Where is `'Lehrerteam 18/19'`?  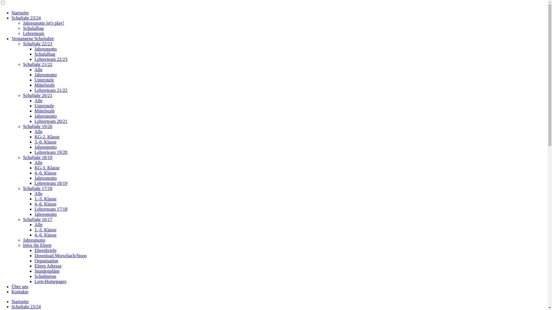 'Lehrerteam 18/19' is located at coordinates (51, 183).